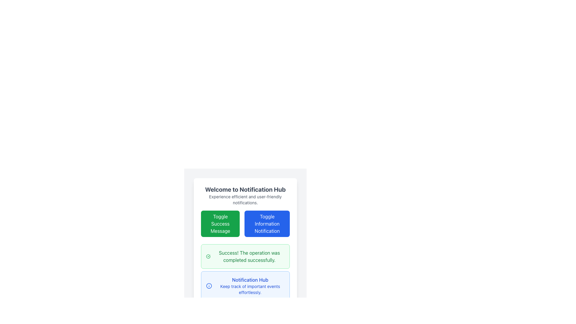 This screenshot has height=324, width=576. Describe the element at coordinates (245, 195) in the screenshot. I see `the text element that displays 'Welcome to Notification Hub' and 'Experience efficient and user-friendly notifications.'` at that location.